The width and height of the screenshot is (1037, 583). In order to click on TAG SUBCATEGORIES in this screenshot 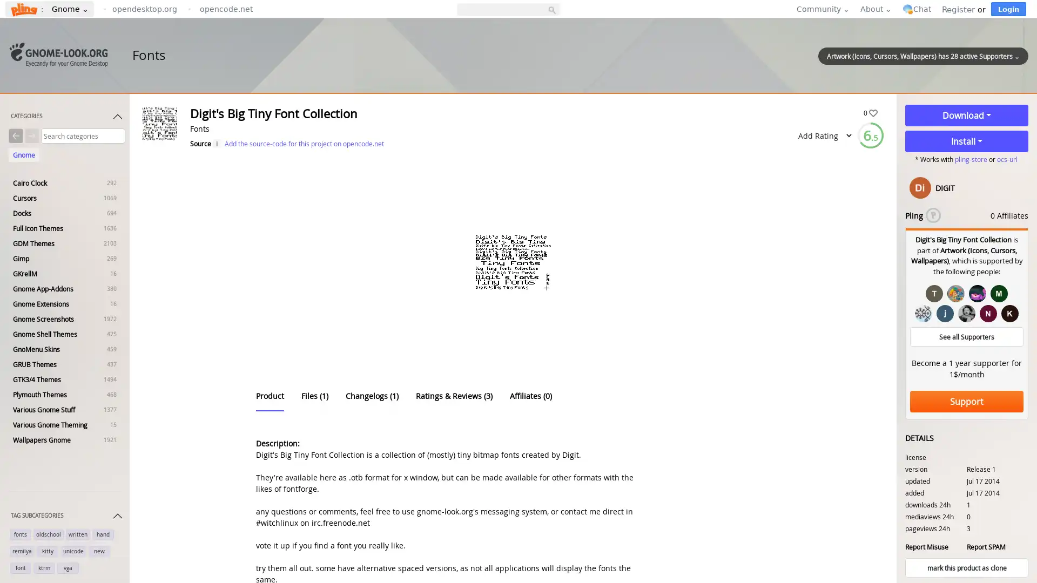, I will do `click(66, 518)`.